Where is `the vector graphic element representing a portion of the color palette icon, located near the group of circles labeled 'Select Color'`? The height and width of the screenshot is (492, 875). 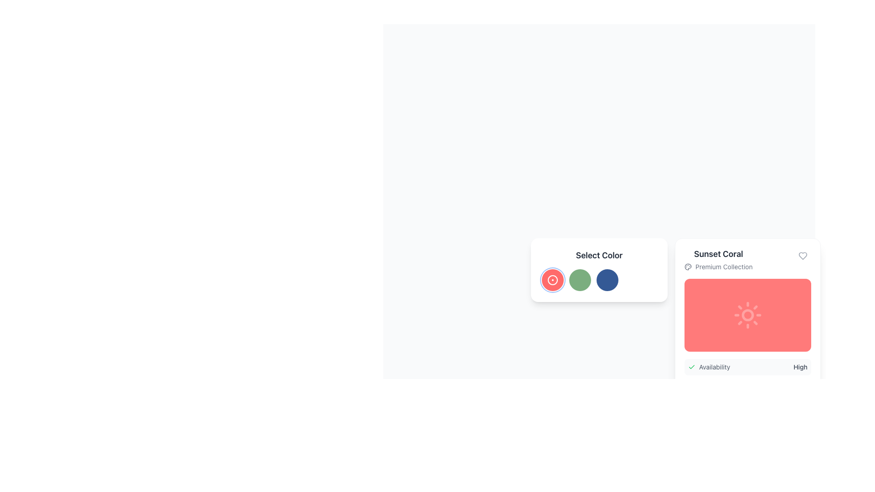
the vector graphic element representing a portion of the color palette icon, located near the group of circles labeled 'Select Color' is located at coordinates (688, 266).